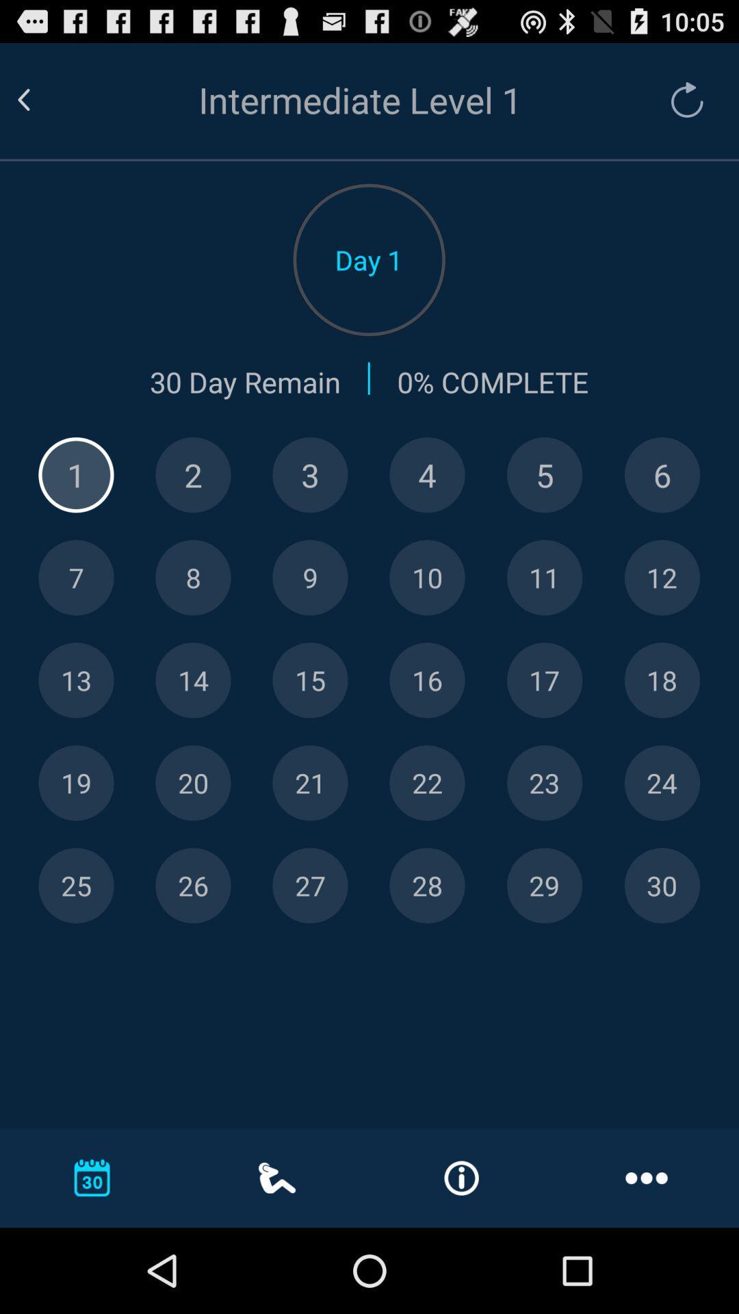 The height and width of the screenshot is (1314, 739). Describe the element at coordinates (76, 475) in the screenshot. I see `show details of day` at that location.